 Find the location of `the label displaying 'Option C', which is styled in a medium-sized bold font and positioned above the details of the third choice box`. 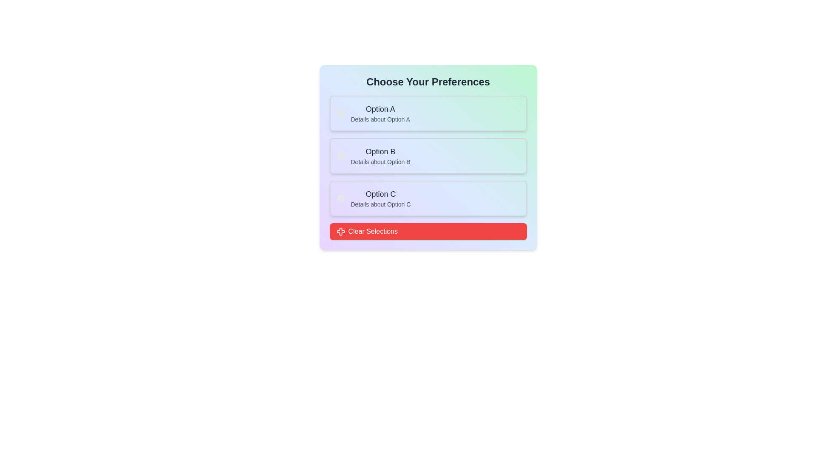

the label displaying 'Option C', which is styled in a medium-sized bold font and positioned above the details of the third choice box is located at coordinates (380, 194).